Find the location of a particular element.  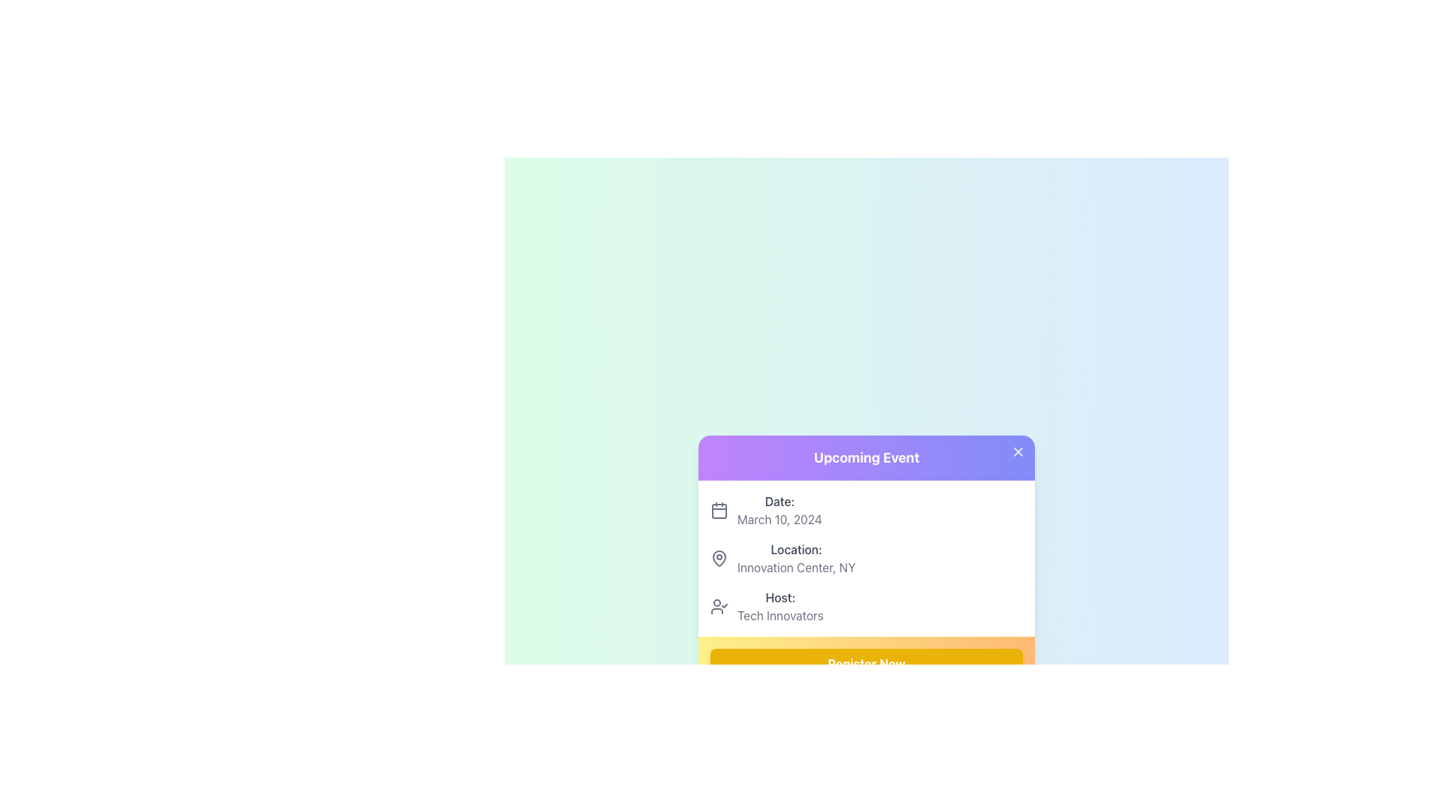

the icon representing the host in the 'Host' section, located to the left of the label 'Host:' for 'Tech Innovators' is located at coordinates (719, 605).